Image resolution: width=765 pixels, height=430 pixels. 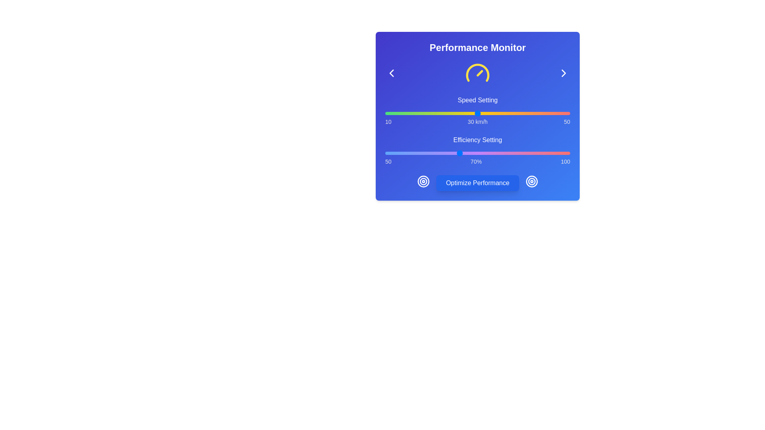 I want to click on 'Optimize Performance' button, so click(x=478, y=183).